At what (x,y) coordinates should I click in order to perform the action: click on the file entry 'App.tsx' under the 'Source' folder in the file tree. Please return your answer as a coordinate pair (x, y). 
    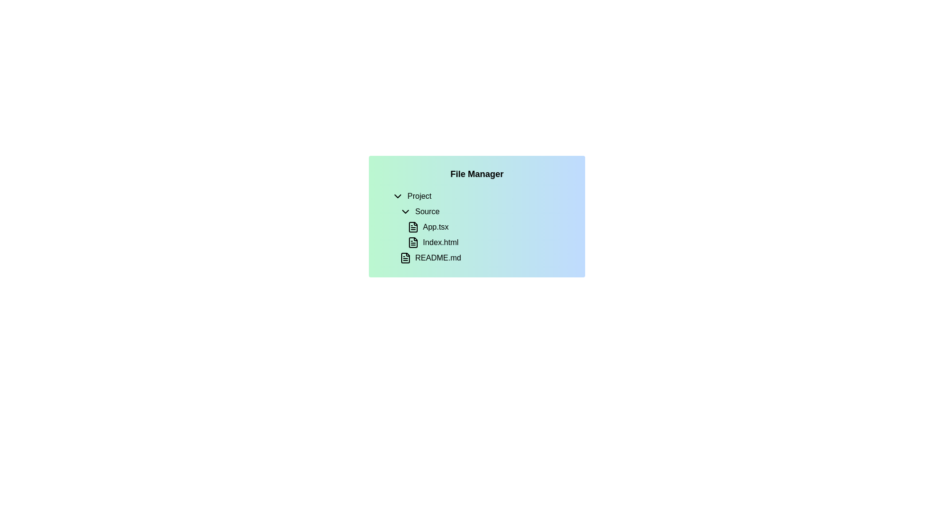
    Looking at the image, I should click on (489, 227).